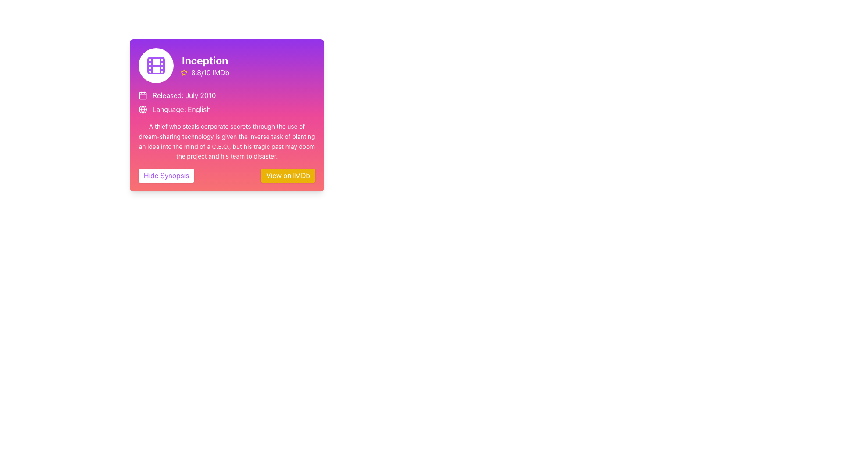 This screenshot has height=473, width=842. I want to click on textual and visual information displayed in the Text with Icon Display that shows the movie title 'Inception' and its IMDb rating, located in the top-right region of the gradient-colored card next to the film reel icon, so click(204, 65).